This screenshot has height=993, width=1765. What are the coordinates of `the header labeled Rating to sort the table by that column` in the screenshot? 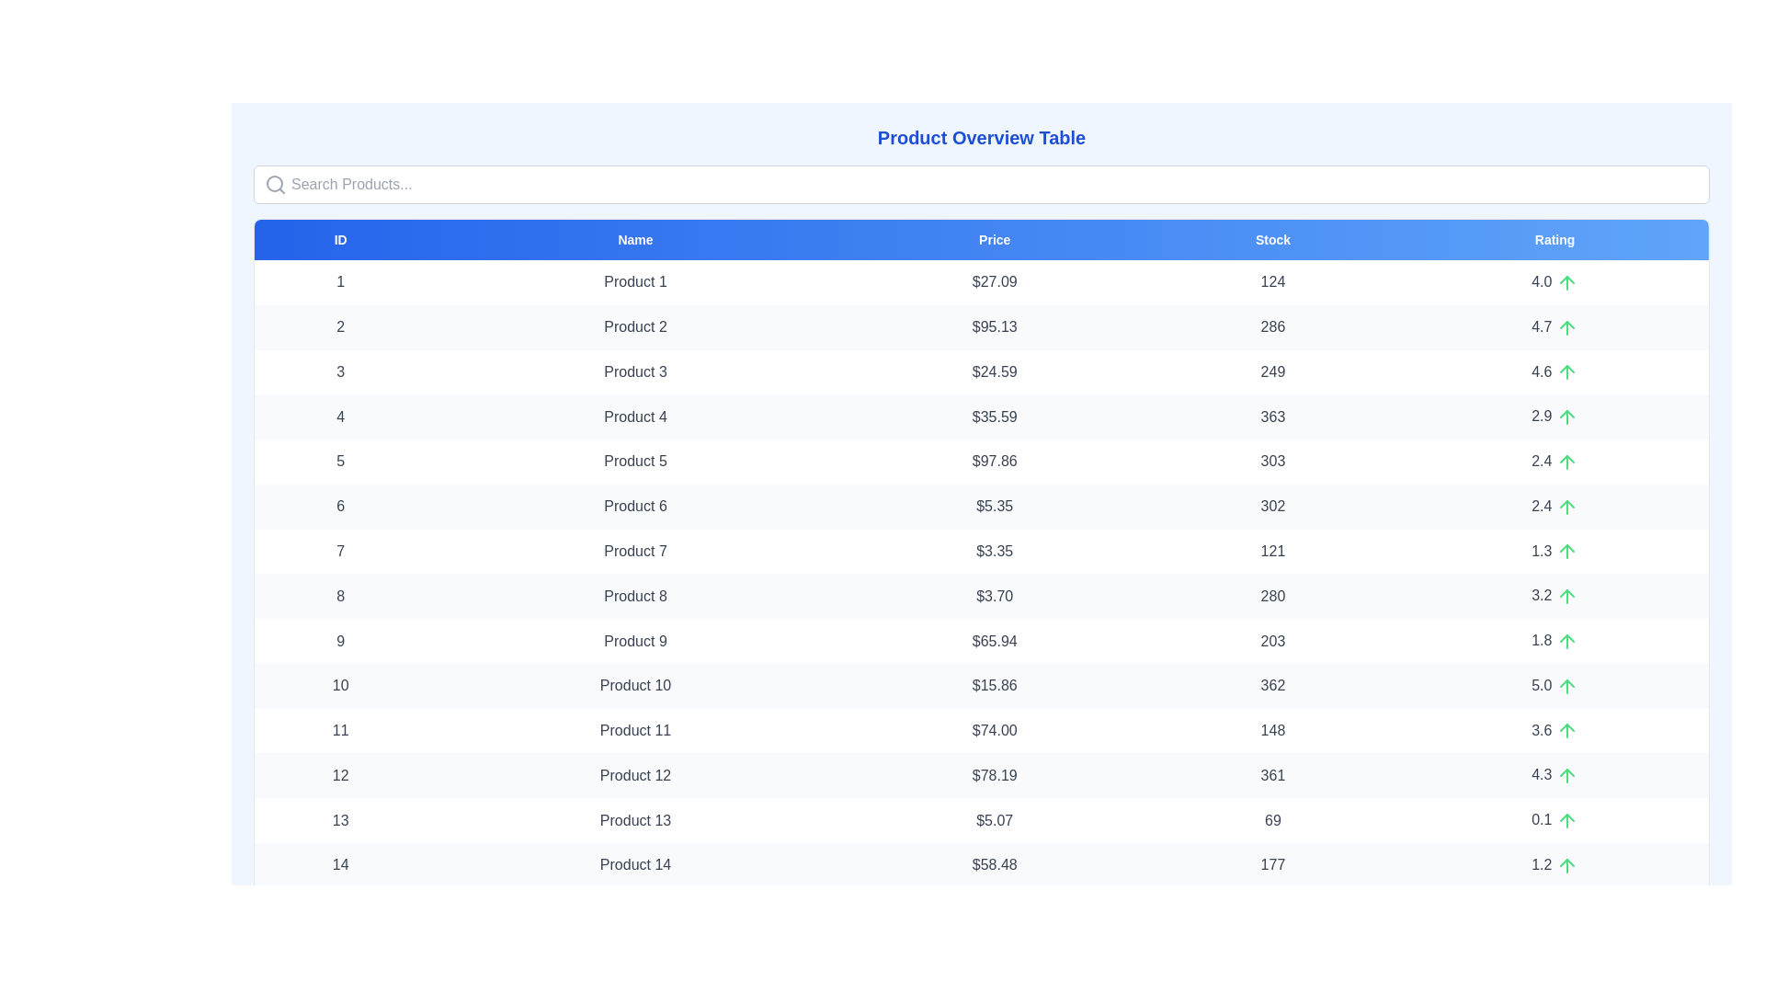 It's located at (1554, 239).